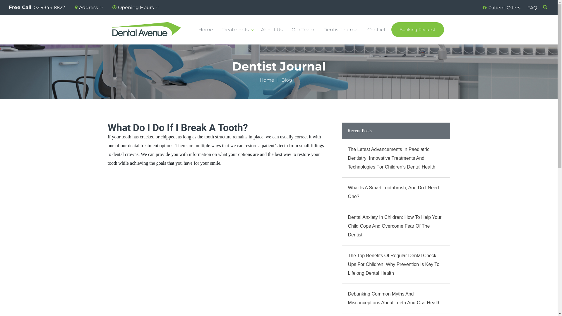  What do you see at coordinates (259, 80) in the screenshot?
I see `'Home'` at bounding box center [259, 80].